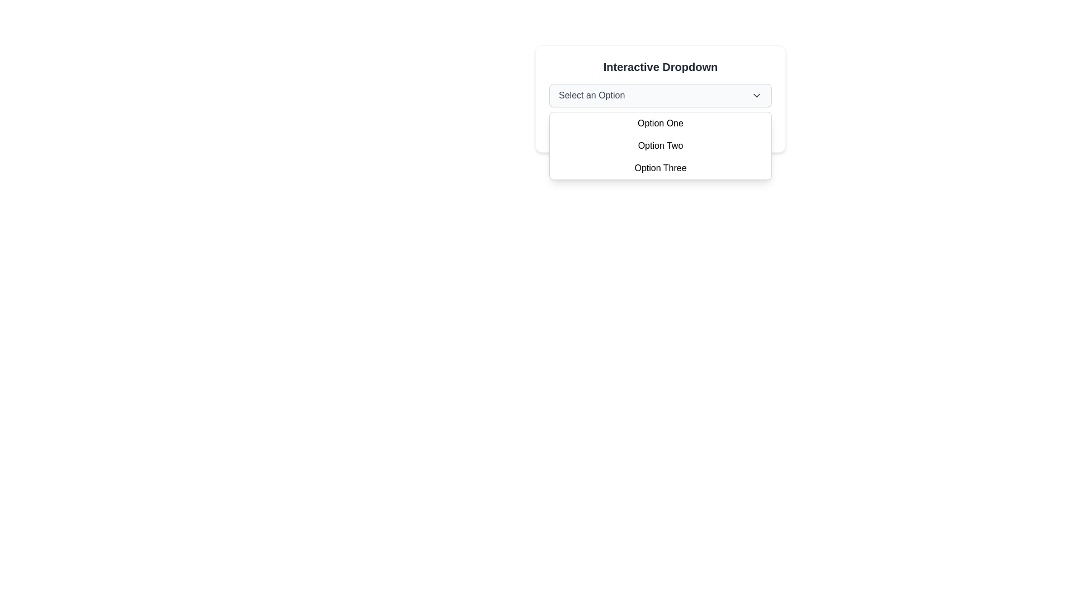  What do you see at coordinates (660, 145) in the screenshot?
I see `the second option labeled 'Option Two' in the dropdown menu` at bounding box center [660, 145].